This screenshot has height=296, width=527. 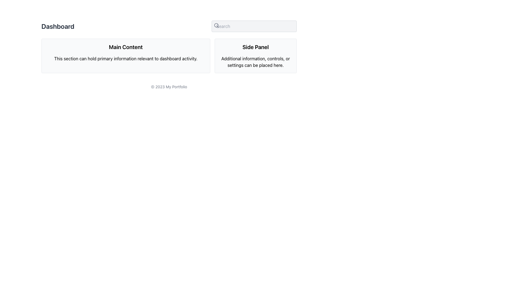 What do you see at coordinates (216, 25) in the screenshot?
I see `the search icon located at the top-left corner of the search input field, which signifies the search functionality of the input` at bounding box center [216, 25].